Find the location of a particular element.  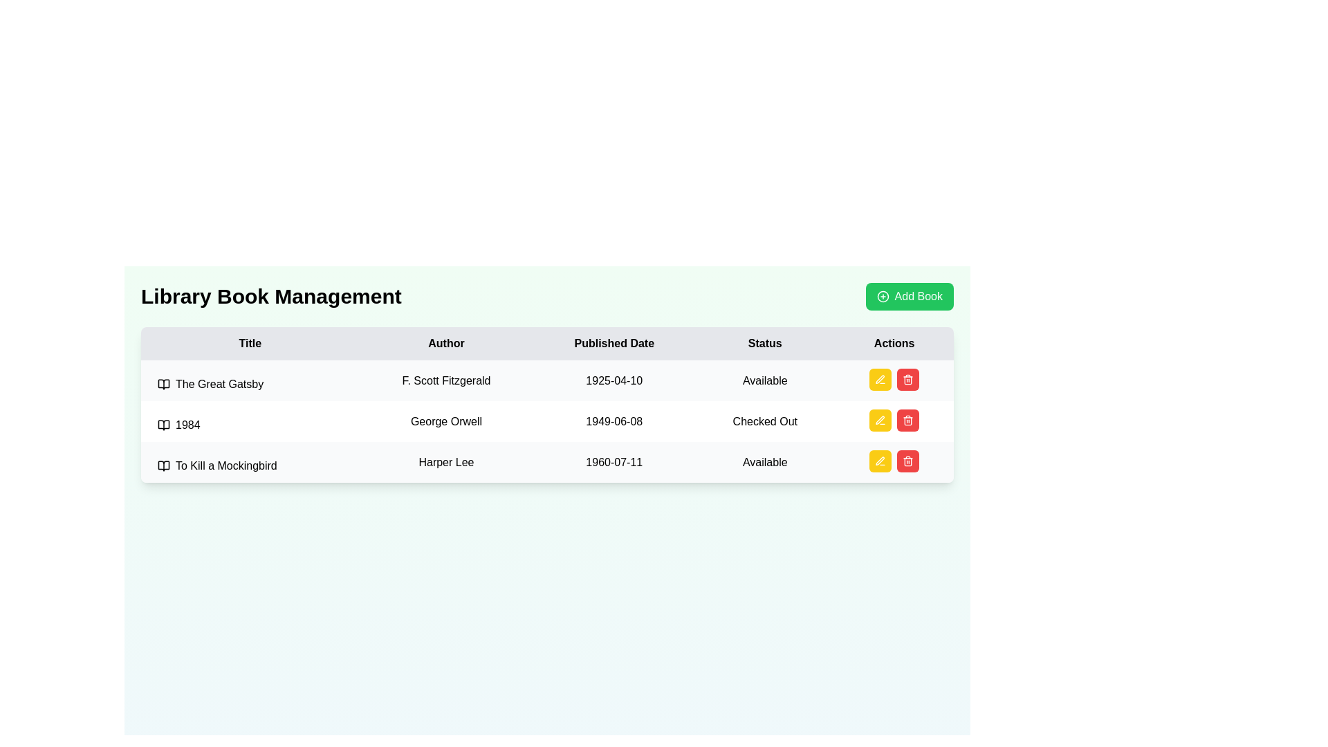

the pen icon in the 'Actions' column associated with the book '1984', which is the second graphical component of the SVG graphic is located at coordinates (879, 419).